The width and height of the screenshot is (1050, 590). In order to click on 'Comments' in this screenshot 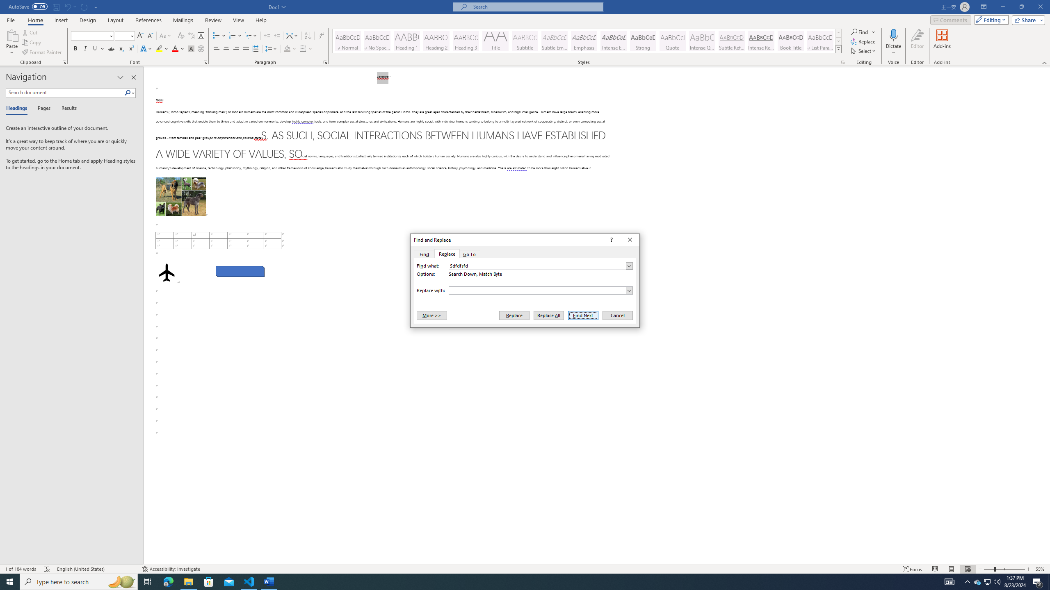, I will do `click(951, 19)`.